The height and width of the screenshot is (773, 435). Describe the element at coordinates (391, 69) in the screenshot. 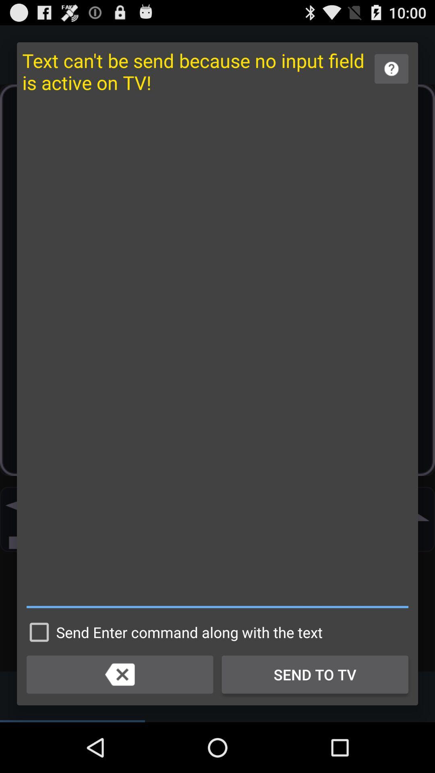

I see `the icon next to the text can t icon` at that location.